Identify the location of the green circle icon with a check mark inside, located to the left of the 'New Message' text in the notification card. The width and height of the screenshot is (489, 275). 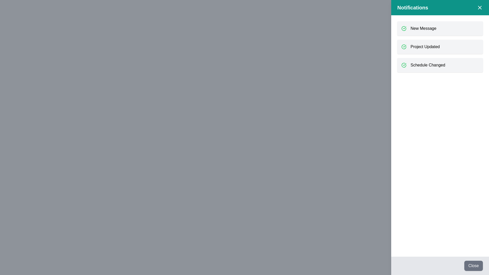
(403, 28).